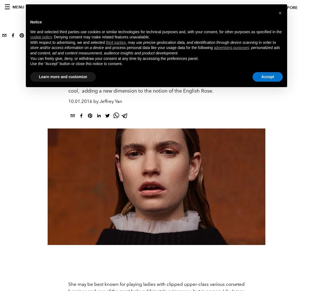 The image size is (313, 291). Describe the element at coordinates (63, 76) in the screenshot. I see `'Learn more and customize'` at that location.